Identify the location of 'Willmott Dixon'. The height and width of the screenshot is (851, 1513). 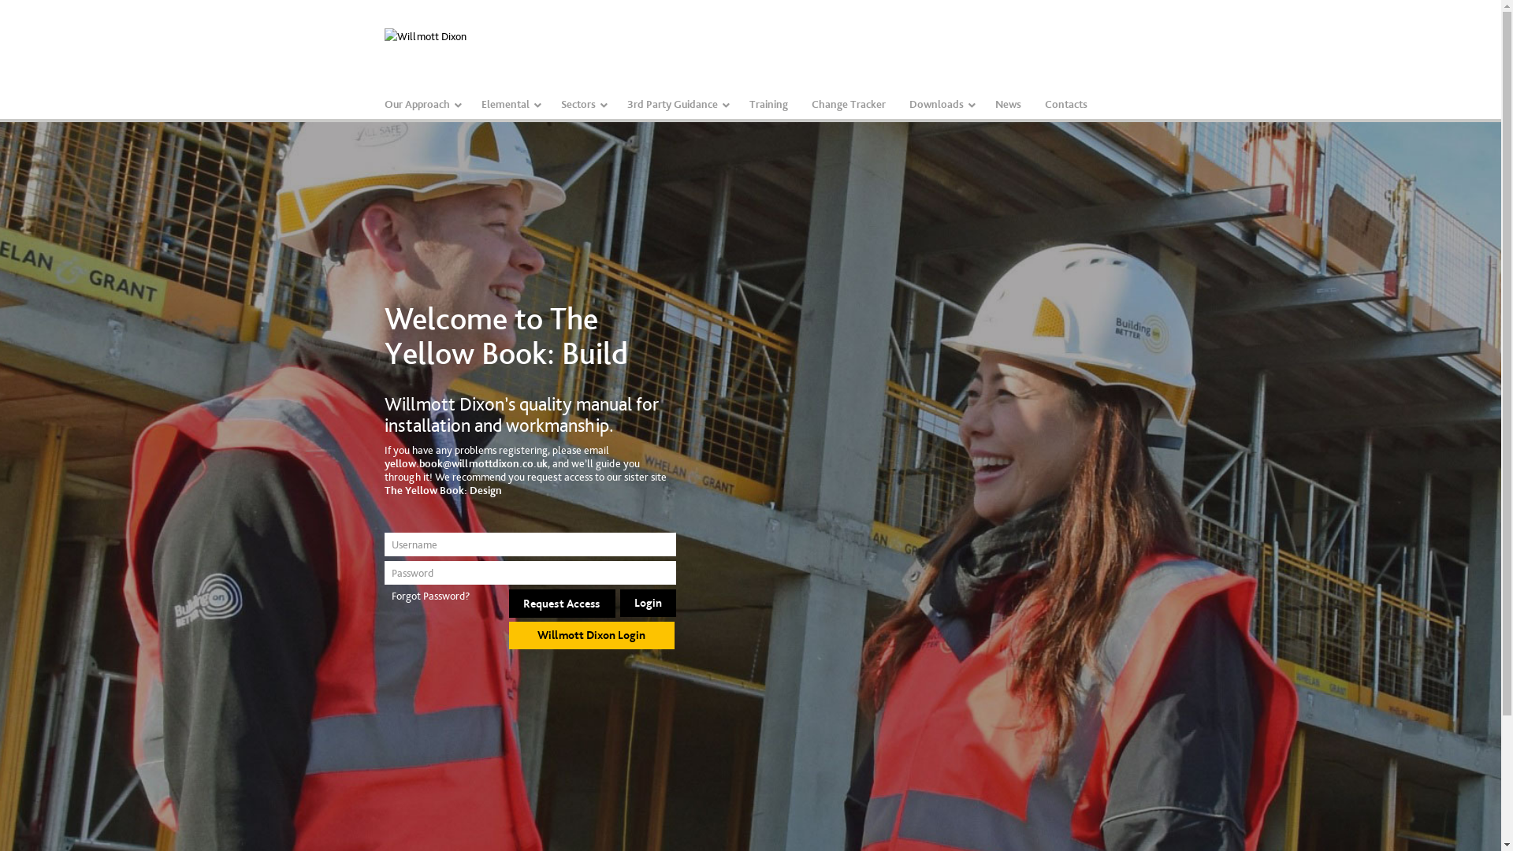
(425, 44).